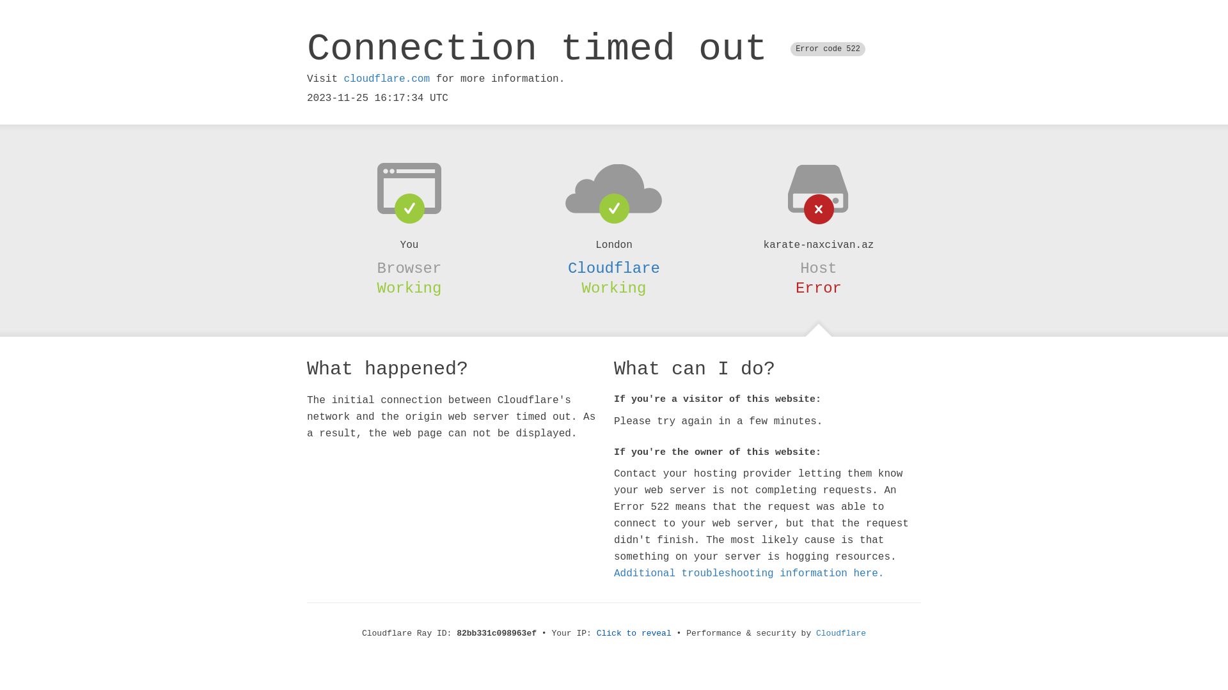 The width and height of the screenshot is (1228, 690). What do you see at coordinates (634, 633) in the screenshot?
I see `'Click to reveal'` at bounding box center [634, 633].